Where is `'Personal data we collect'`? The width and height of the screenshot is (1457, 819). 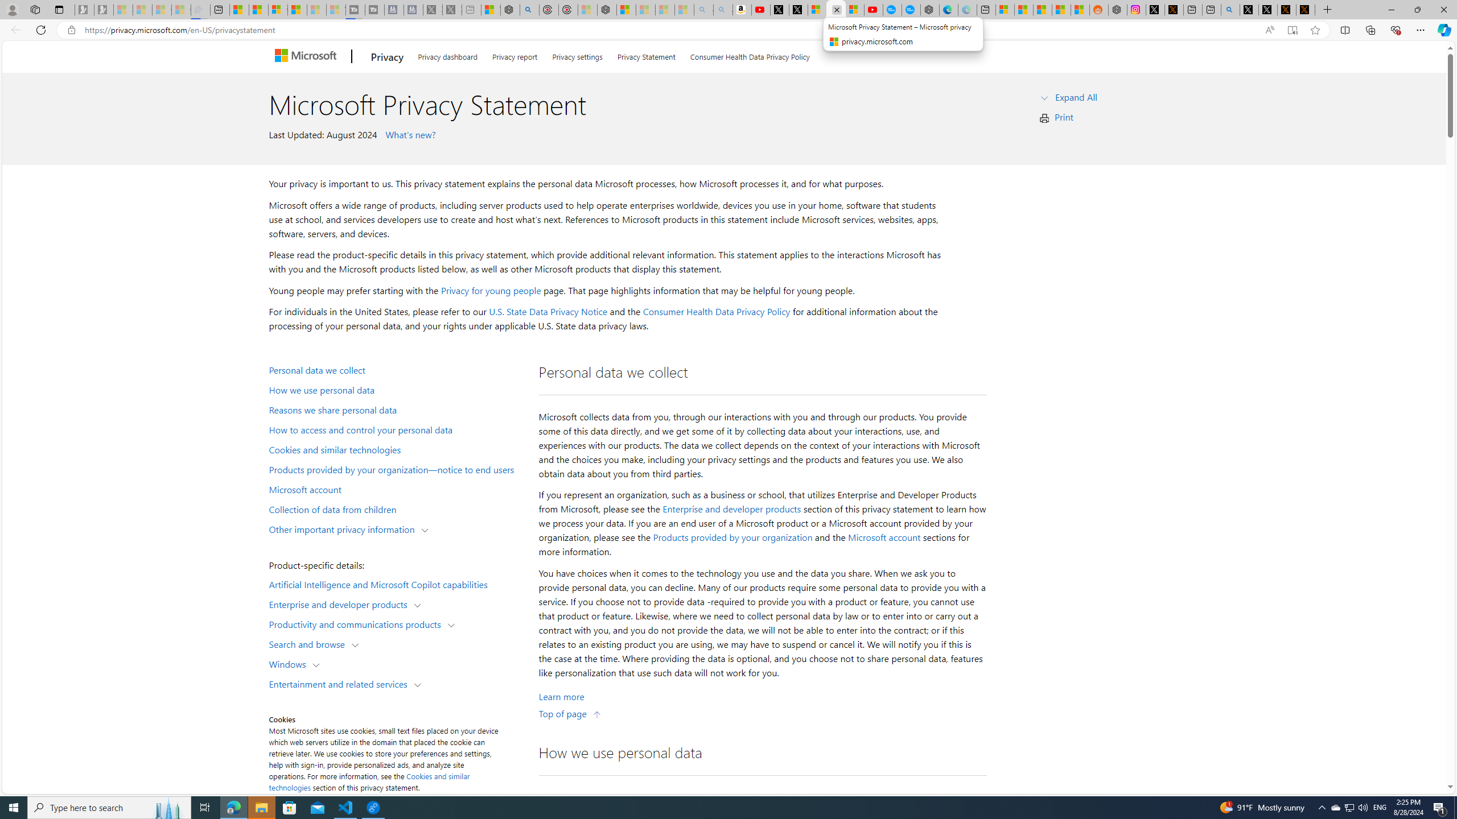 'Personal data we collect' is located at coordinates (396, 369).